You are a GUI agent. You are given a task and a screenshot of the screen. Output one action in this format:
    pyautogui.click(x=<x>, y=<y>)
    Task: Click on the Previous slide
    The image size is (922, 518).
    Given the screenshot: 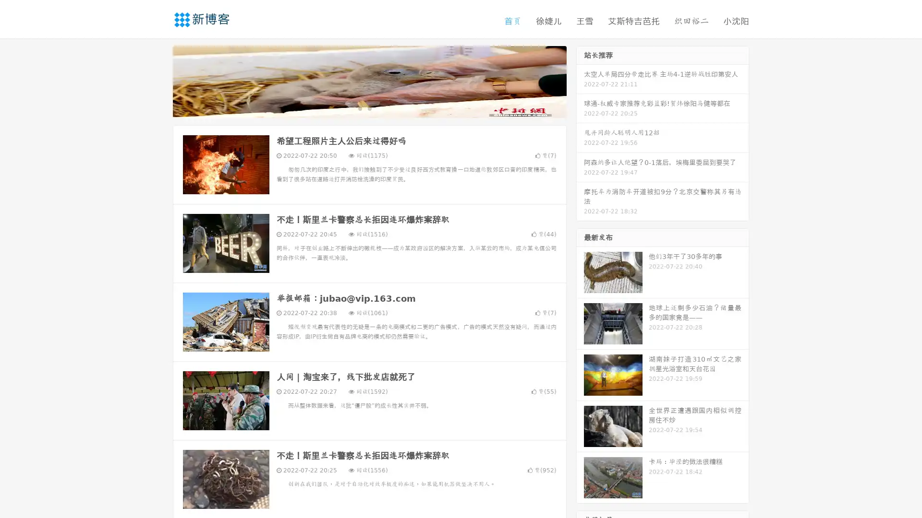 What is the action you would take?
    pyautogui.click(x=158, y=81)
    